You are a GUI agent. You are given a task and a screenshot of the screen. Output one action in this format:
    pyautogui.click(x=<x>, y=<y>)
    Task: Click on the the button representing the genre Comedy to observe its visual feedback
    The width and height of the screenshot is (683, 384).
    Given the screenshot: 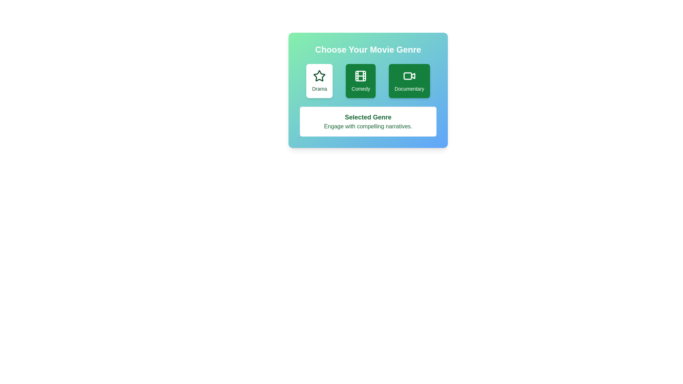 What is the action you would take?
    pyautogui.click(x=361, y=80)
    